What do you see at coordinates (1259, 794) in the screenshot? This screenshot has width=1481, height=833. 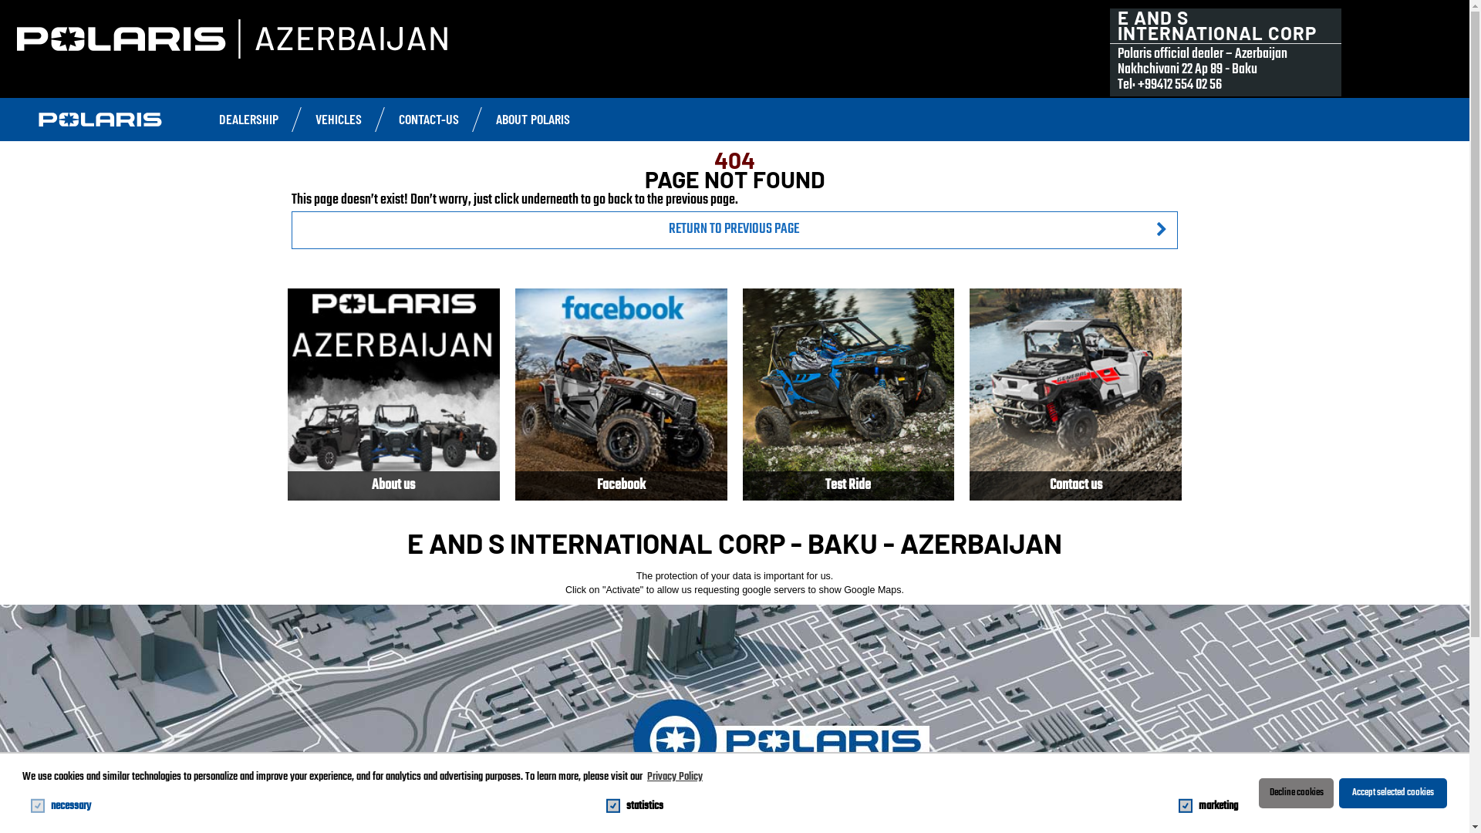 I see `'Decline cookies'` at bounding box center [1259, 794].